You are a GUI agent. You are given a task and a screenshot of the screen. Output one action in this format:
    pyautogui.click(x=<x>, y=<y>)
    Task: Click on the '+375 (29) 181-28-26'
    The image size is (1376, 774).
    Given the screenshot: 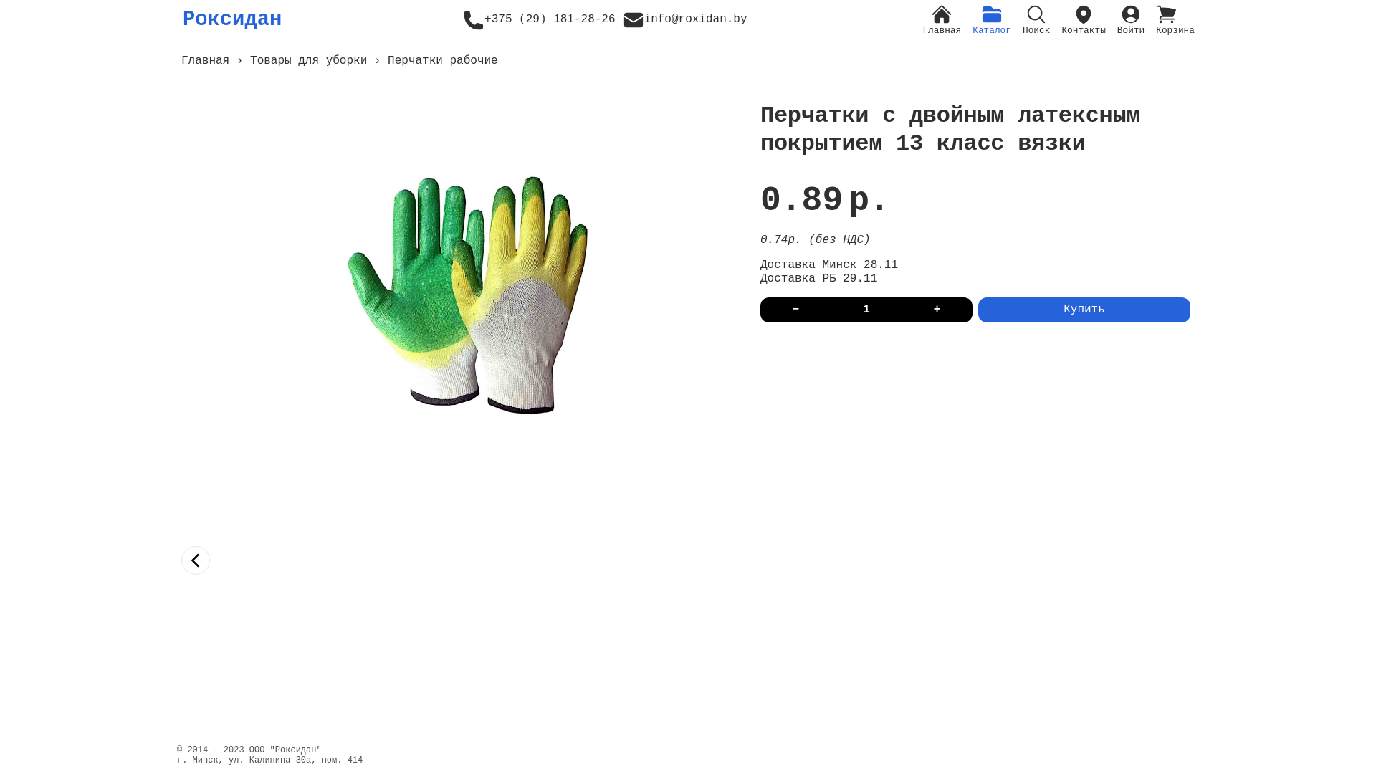 What is the action you would take?
    pyautogui.click(x=538, y=19)
    